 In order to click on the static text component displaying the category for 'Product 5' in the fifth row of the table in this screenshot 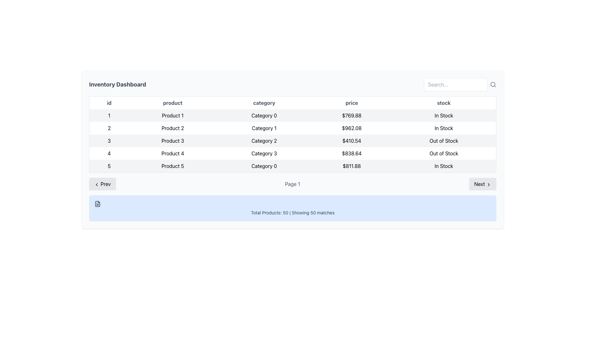, I will do `click(264, 166)`.